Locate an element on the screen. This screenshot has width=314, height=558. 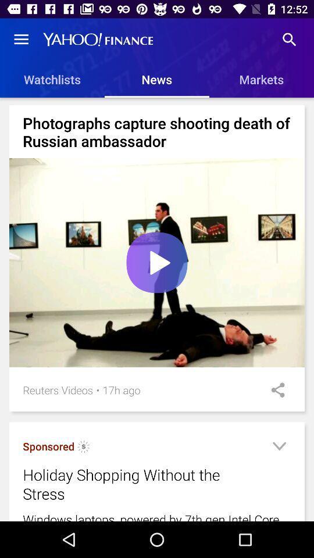
the item below photographs capture shooting item is located at coordinates (157, 262).